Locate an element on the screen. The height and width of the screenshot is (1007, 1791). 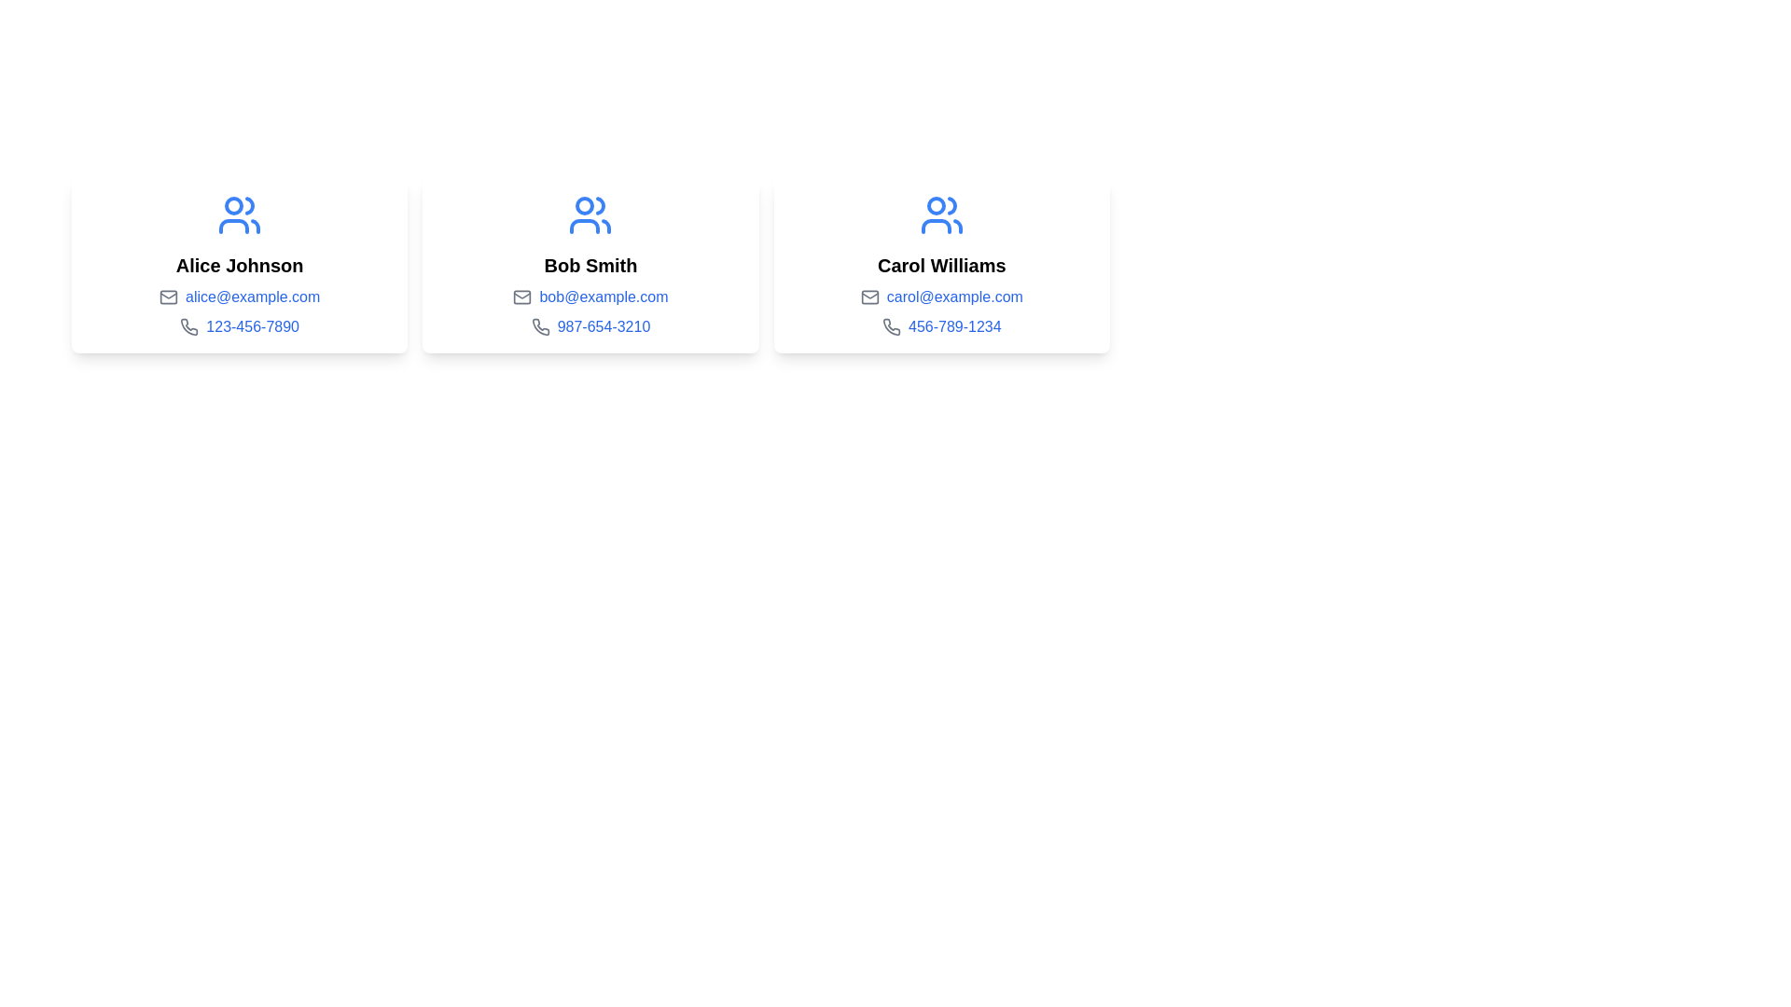
the Contact card for Carol Williams, which is the third card in a row of three cards, located at the rightmost position with a white background and rounded corners is located at coordinates (941, 266).